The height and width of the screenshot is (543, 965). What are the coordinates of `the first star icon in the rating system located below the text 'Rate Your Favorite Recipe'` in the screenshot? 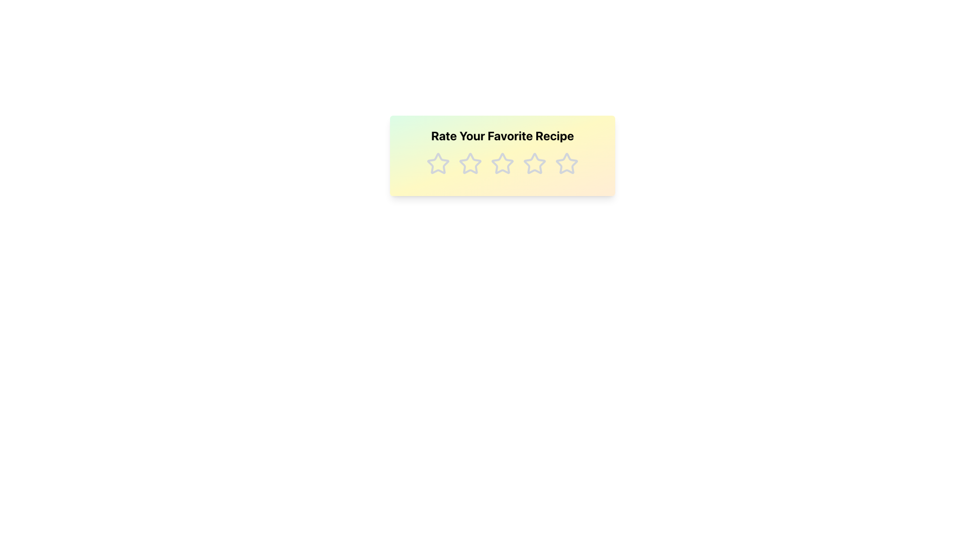 It's located at (438, 163).